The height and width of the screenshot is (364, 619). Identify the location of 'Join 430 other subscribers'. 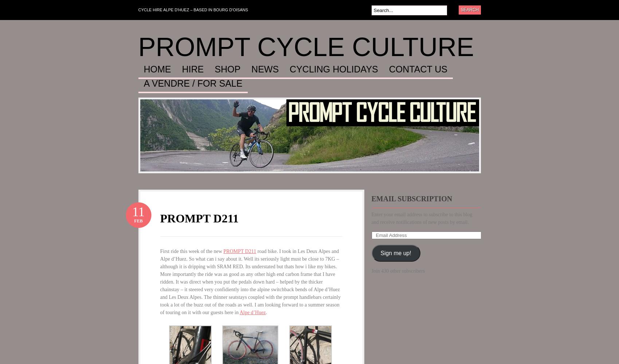
(371, 270).